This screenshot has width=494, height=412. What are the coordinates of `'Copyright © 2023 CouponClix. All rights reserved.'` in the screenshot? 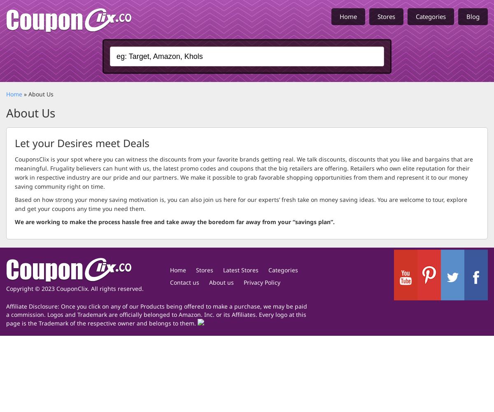 It's located at (75, 288).